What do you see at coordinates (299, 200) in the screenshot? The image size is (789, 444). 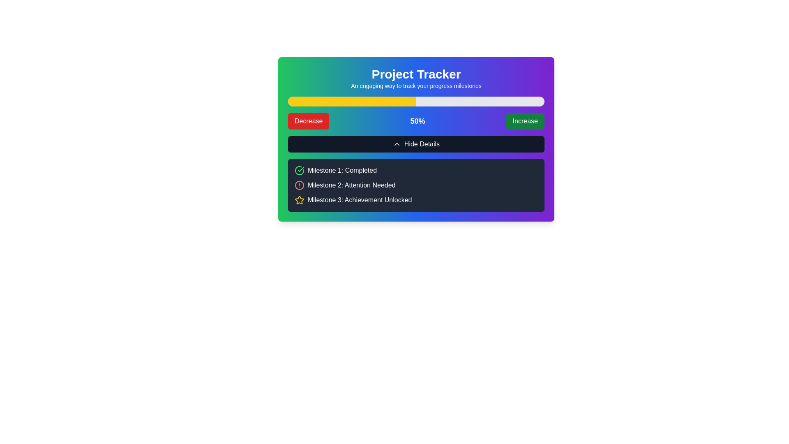 I see `the star-shaped icon with a hollow center, styled with a yellow outline, located as the first item in the 'Milestone 3: Achievement Unlocked' list` at bounding box center [299, 200].